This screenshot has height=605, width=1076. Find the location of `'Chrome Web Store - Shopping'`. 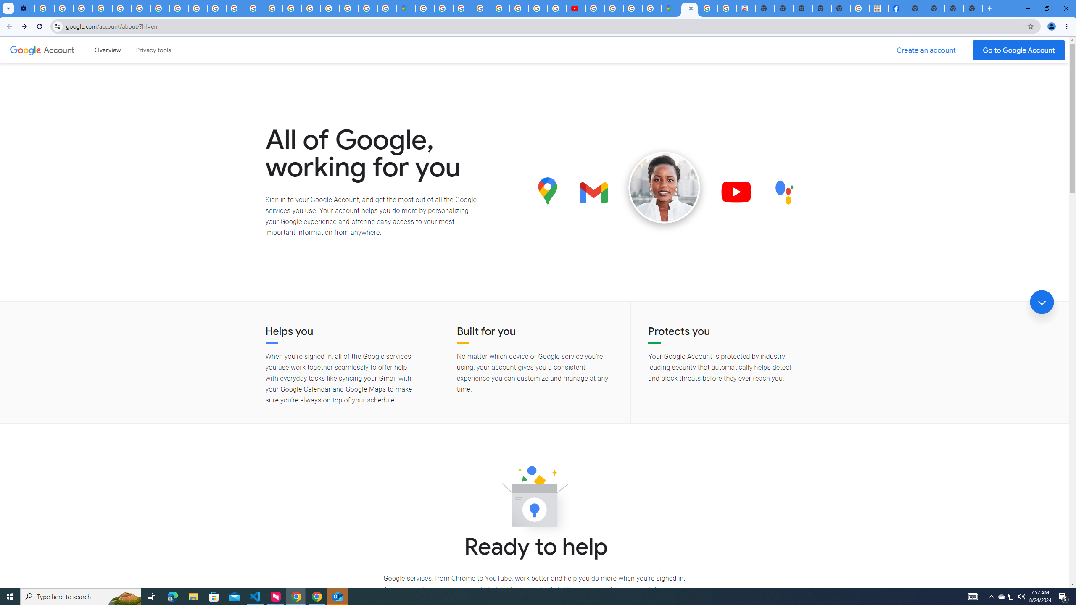

'Chrome Web Store - Shopping' is located at coordinates (746, 8).